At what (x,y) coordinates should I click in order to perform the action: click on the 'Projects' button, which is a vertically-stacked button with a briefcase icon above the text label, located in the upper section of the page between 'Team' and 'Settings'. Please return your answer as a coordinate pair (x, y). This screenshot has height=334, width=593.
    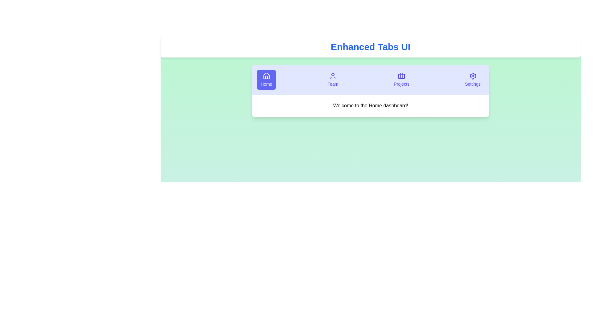
    Looking at the image, I should click on (402, 79).